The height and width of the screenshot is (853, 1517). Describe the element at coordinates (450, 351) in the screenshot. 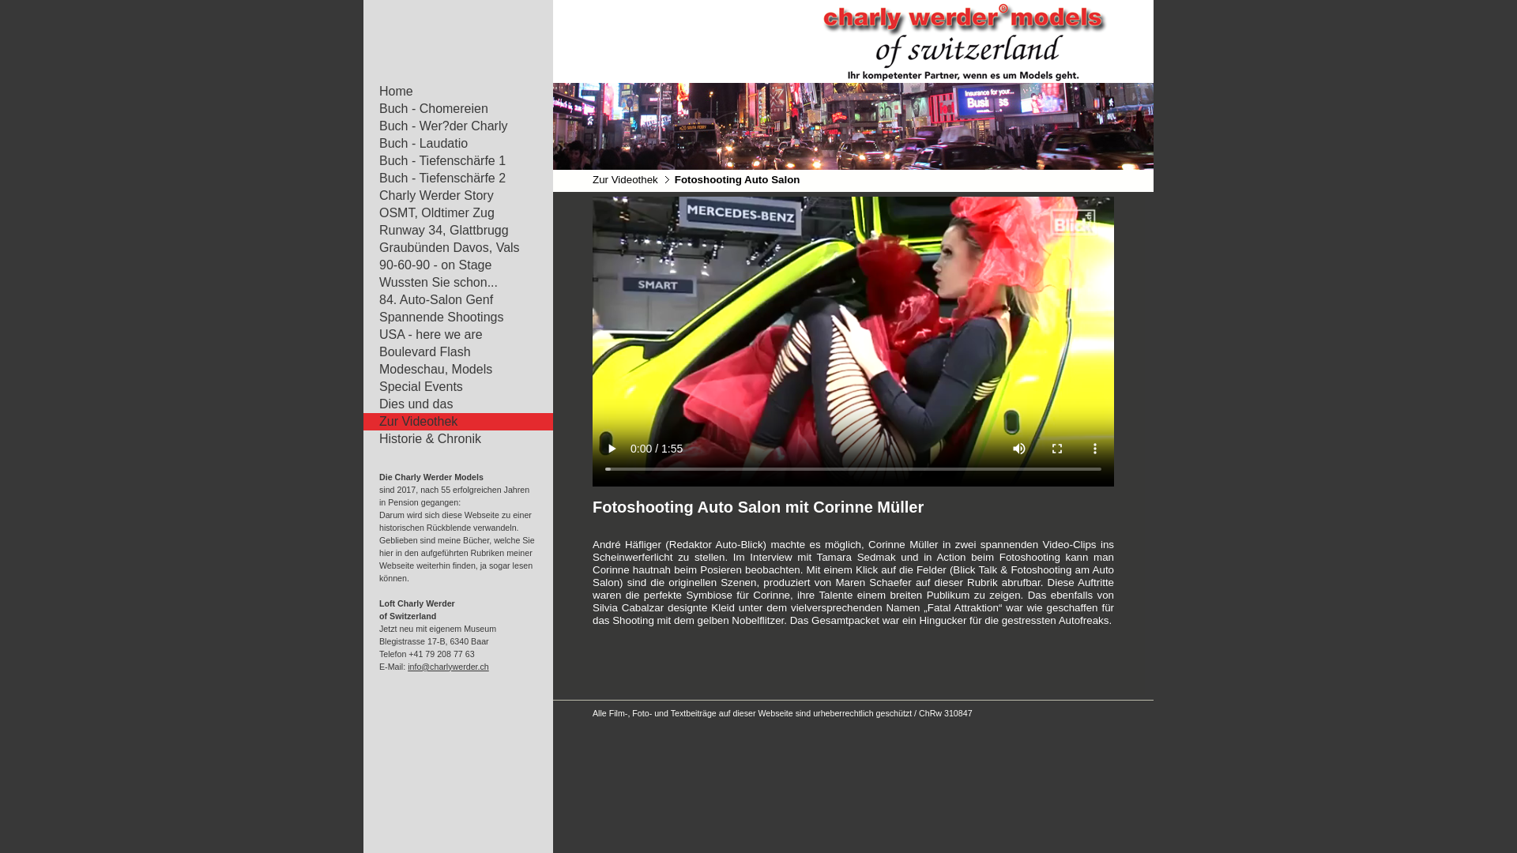

I see `'Boulevard Flash'` at that location.